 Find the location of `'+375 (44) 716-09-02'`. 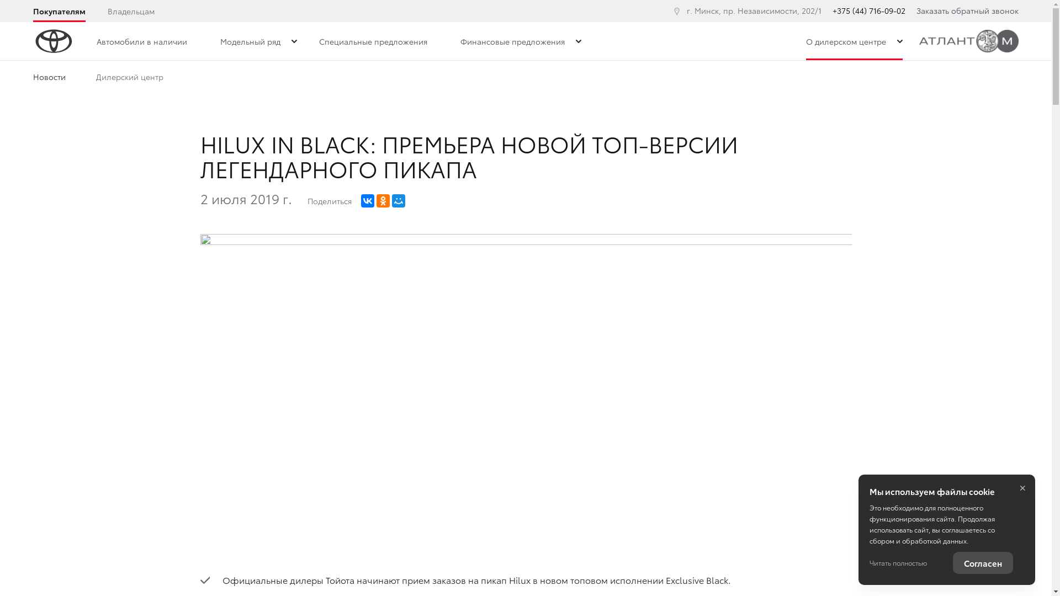

'+375 (44) 716-09-02' is located at coordinates (868, 10).